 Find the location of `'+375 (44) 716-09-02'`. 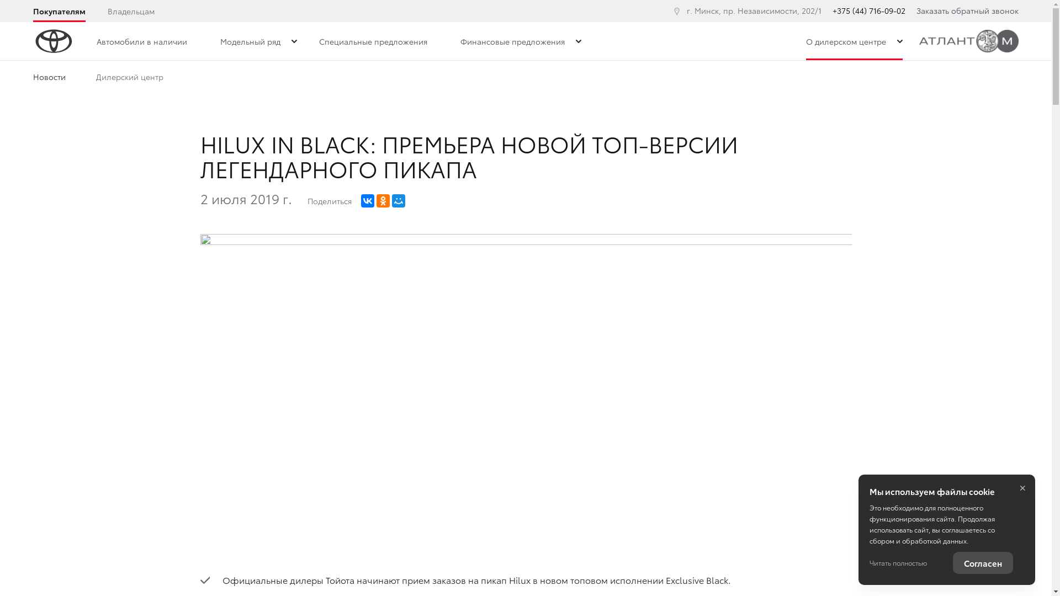

'+375 (44) 716-09-02' is located at coordinates (868, 10).